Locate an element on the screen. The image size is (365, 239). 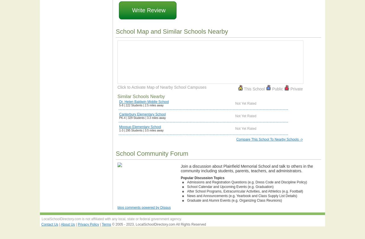
'Similar Schools Nearby' is located at coordinates (141, 96).